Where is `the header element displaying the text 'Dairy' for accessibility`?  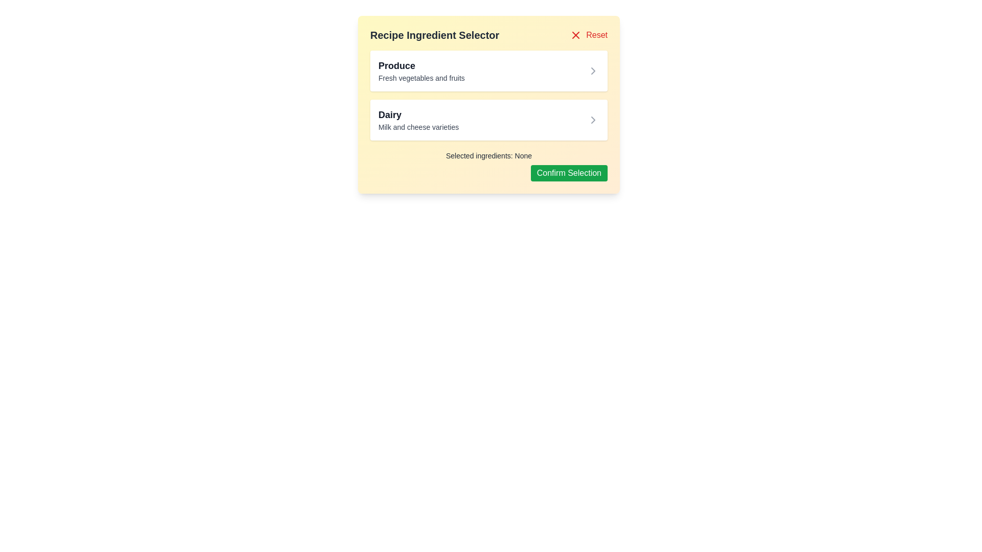
the header element displaying the text 'Dairy' for accessibility is located at coordinates (418, 114).